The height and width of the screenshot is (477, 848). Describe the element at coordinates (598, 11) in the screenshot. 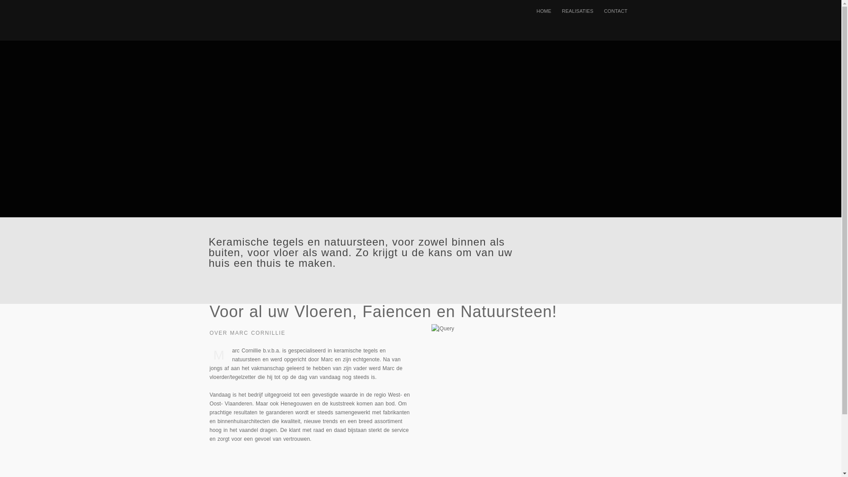

I see `'CONTACT'` at that location.